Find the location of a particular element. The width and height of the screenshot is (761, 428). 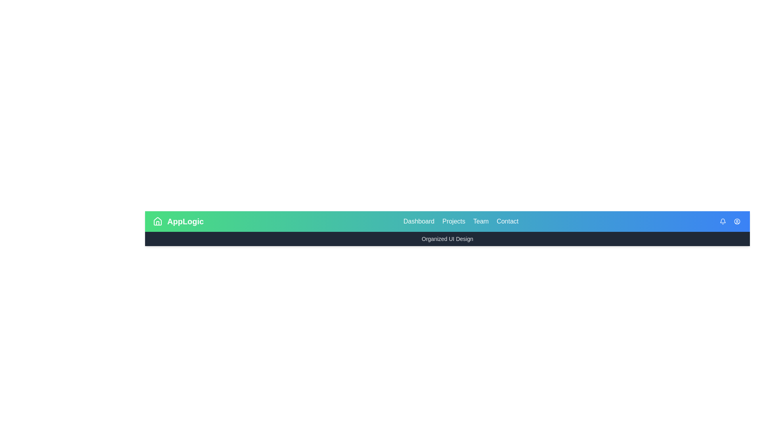

the interactive element Dashboard to observe the visual response is located at coordinates (418, 222).